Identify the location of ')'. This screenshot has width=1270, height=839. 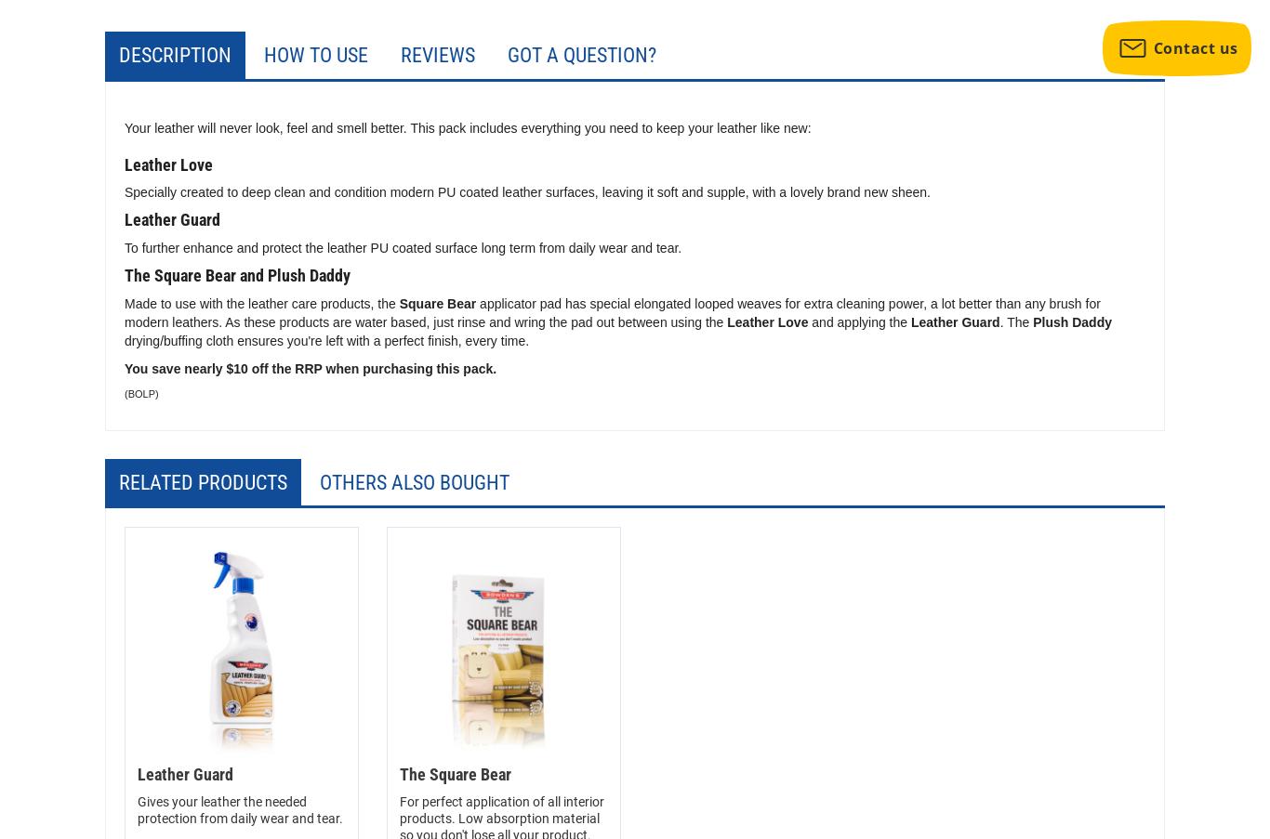
(155, 391).